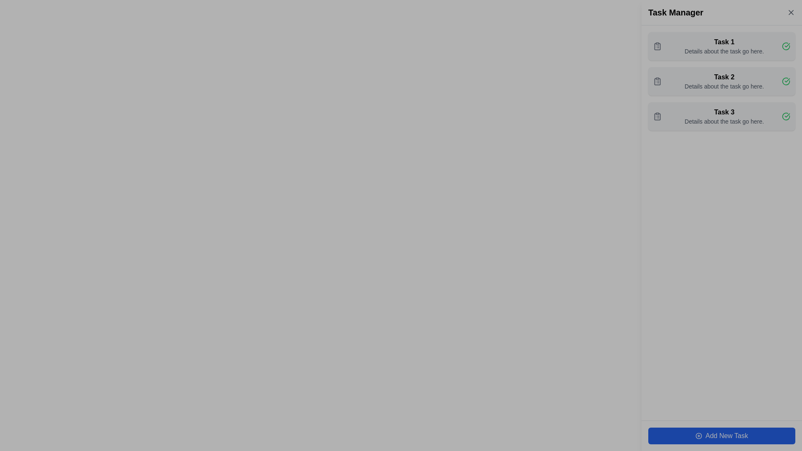 This screenshot has width=802, height=451. Describe the element at coordinates (785, 116) in the screenshot. I see `the green circular icon with a checkmark located on the far right side of the 'Task 3' row` at that location.